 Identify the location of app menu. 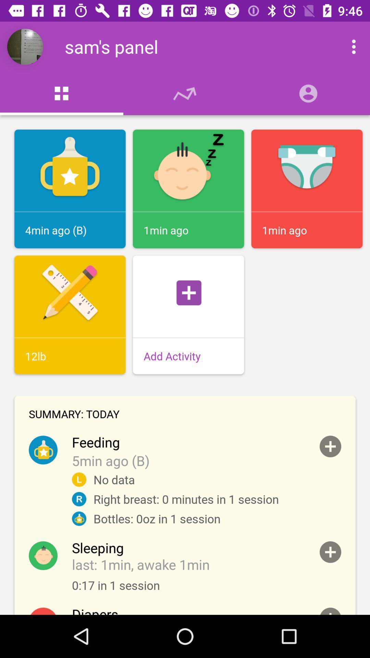
(346, 46).